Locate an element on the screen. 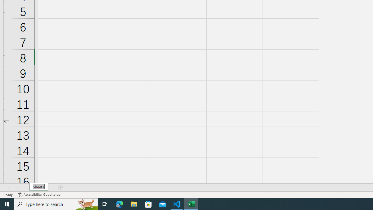 Image resolution: width=373 pixels, height=210 pixels. 'File Explorer' is located at coordinates (134, 204).